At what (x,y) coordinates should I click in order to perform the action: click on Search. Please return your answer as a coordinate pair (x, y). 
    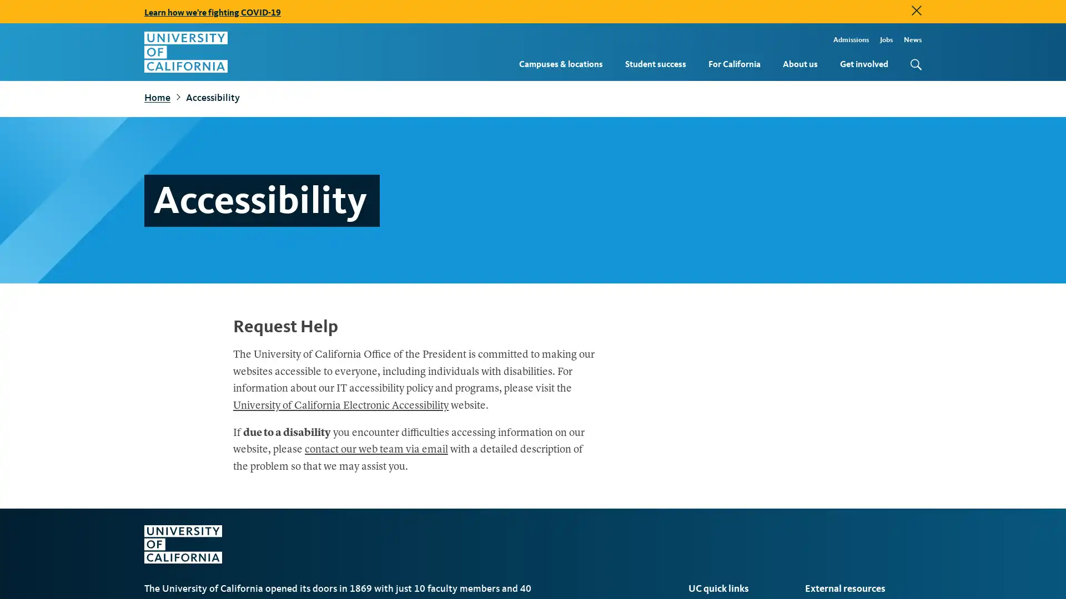
    Looking at the image, I should click on (913, 64).